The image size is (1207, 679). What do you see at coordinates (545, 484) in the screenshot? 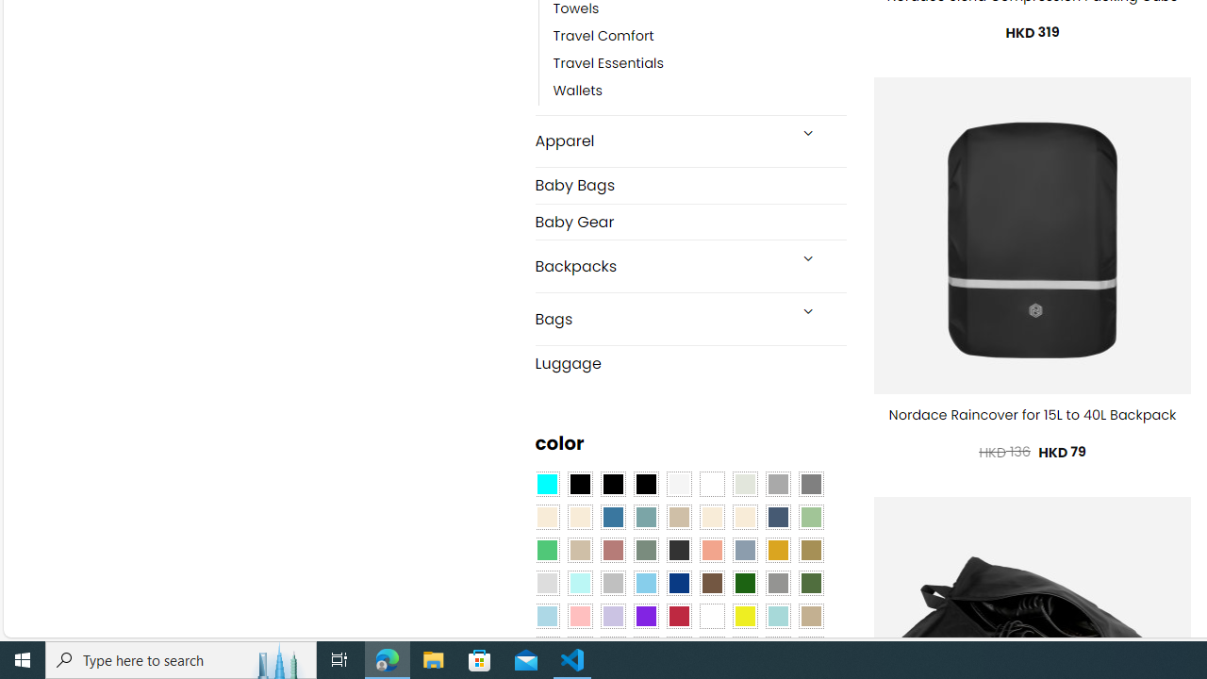
I see `'Aqua Blue'` at bounding box center [545, 484].